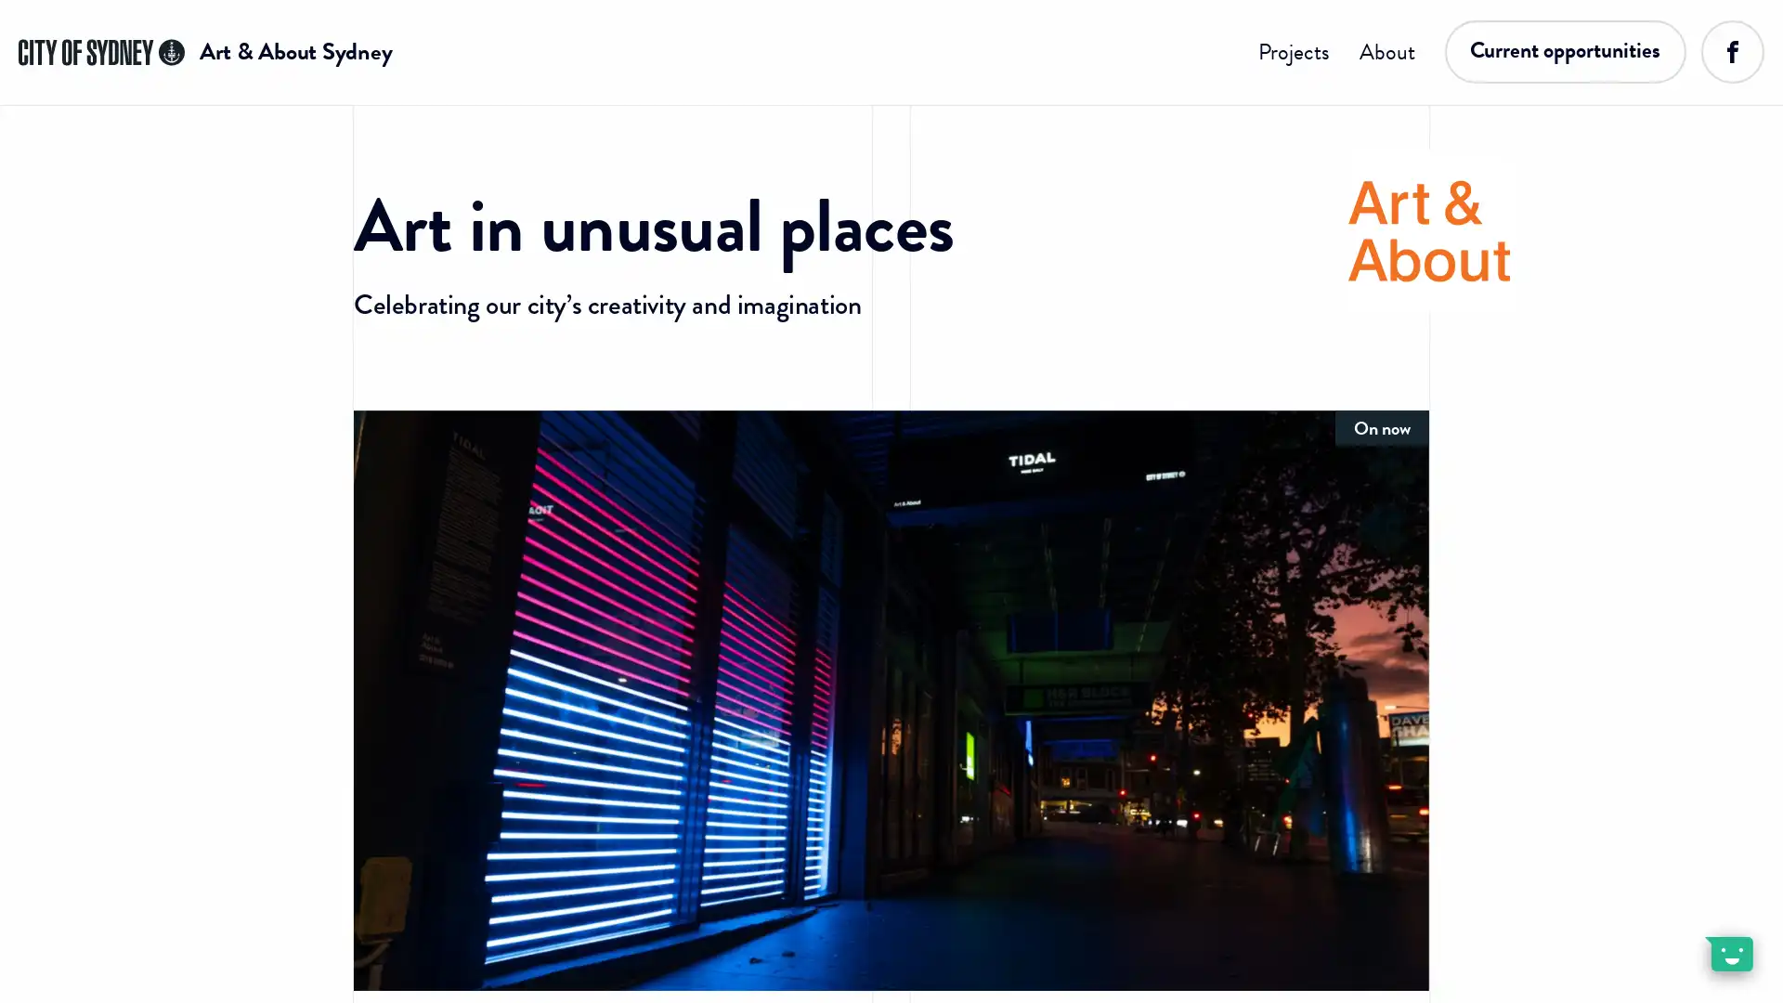  I want to click on Open, so click(1727, 953).